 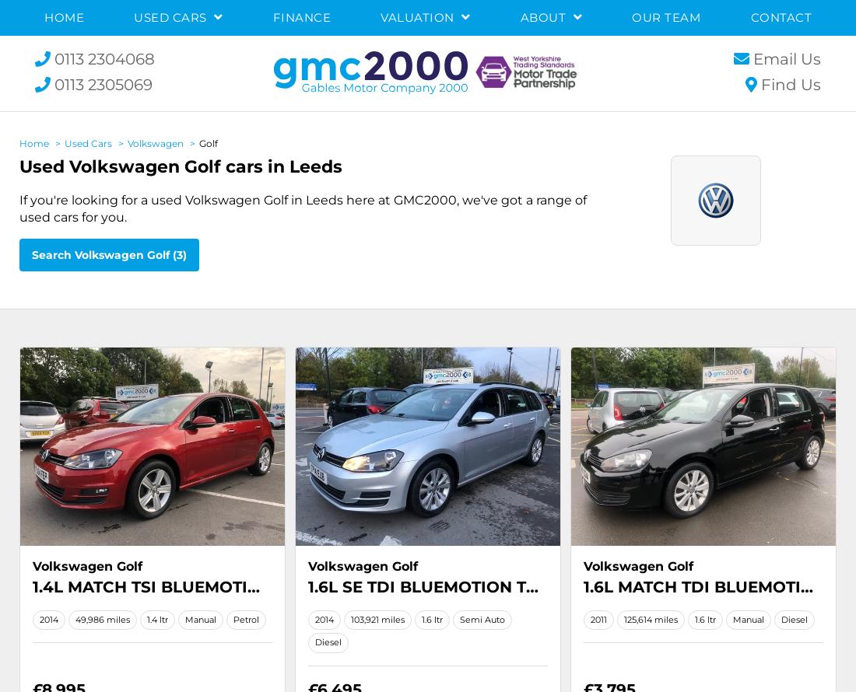 What do you see at coordinates (419, 17) in the screenshot?
I see `'Valuation'` at bounding box center [419, 17].